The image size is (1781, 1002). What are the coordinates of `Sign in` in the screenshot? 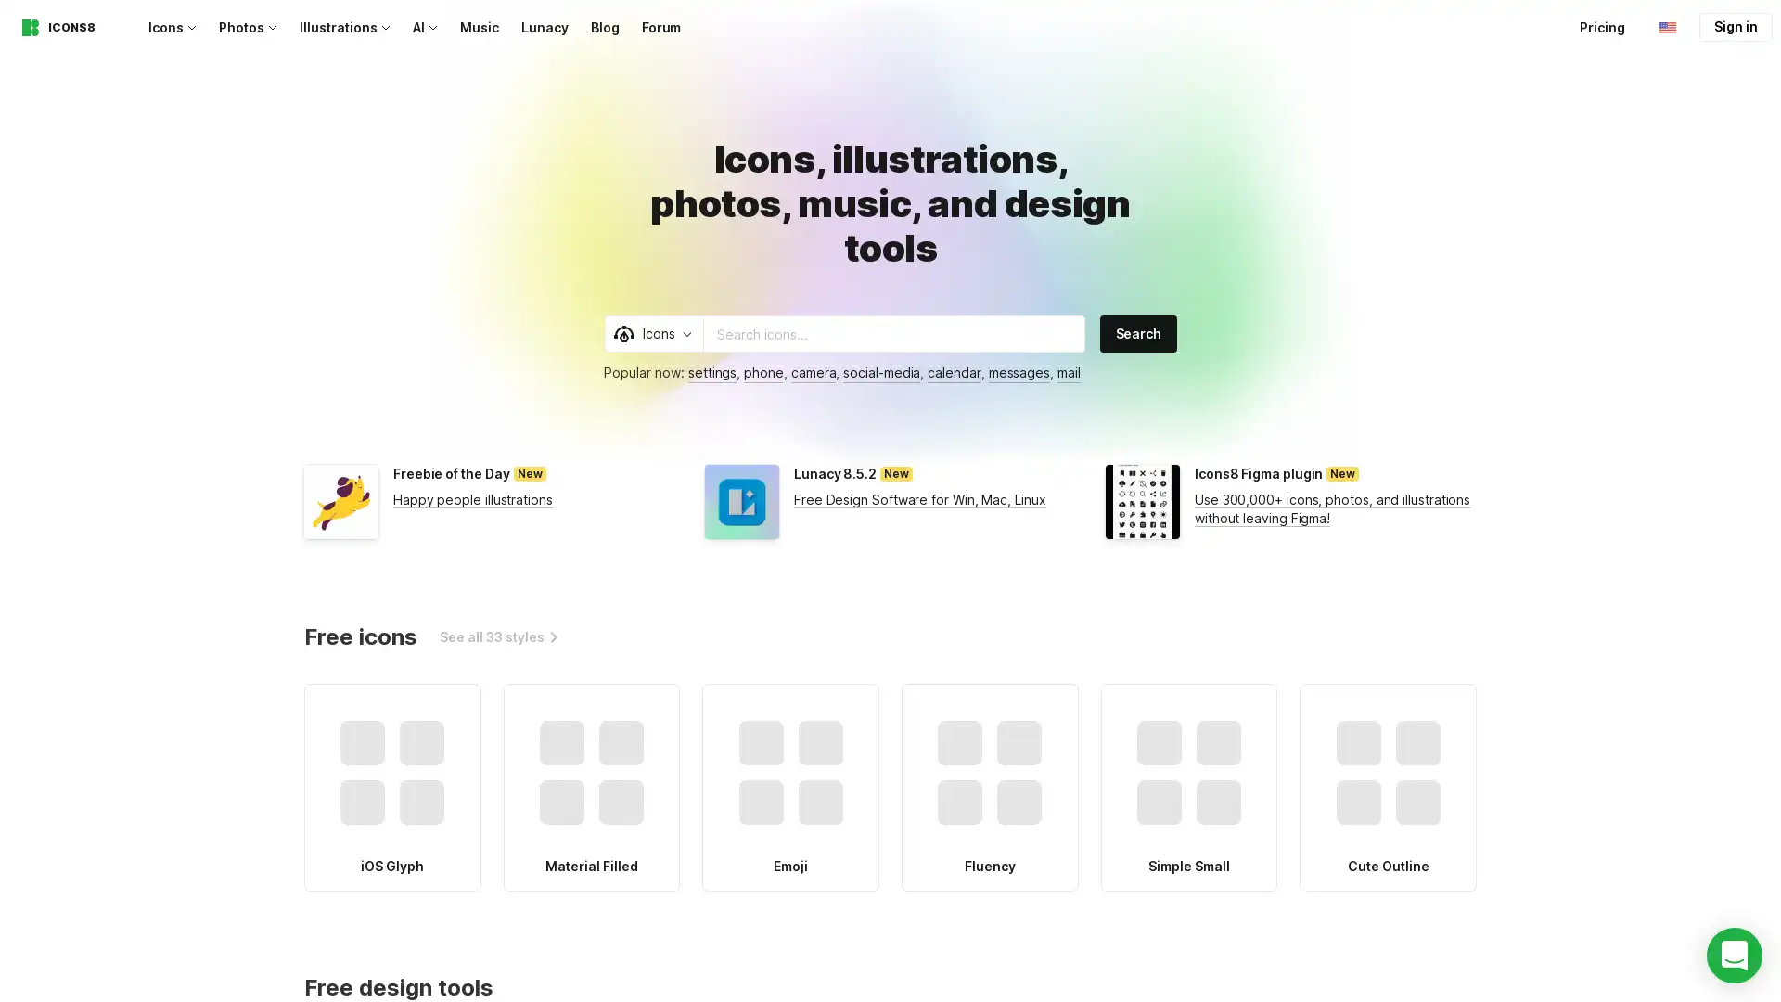 It's located at (1735, 27).